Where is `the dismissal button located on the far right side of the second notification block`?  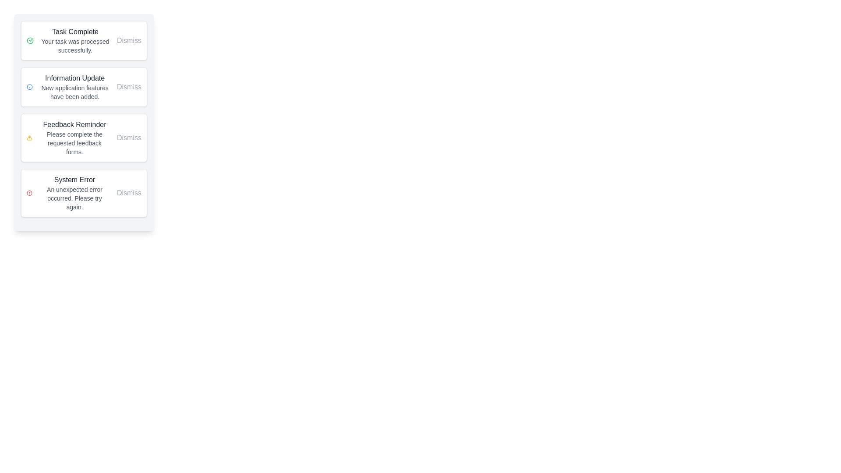 the dismissal button located on the far right side of the second notification block is located at coordinates (128, 87).